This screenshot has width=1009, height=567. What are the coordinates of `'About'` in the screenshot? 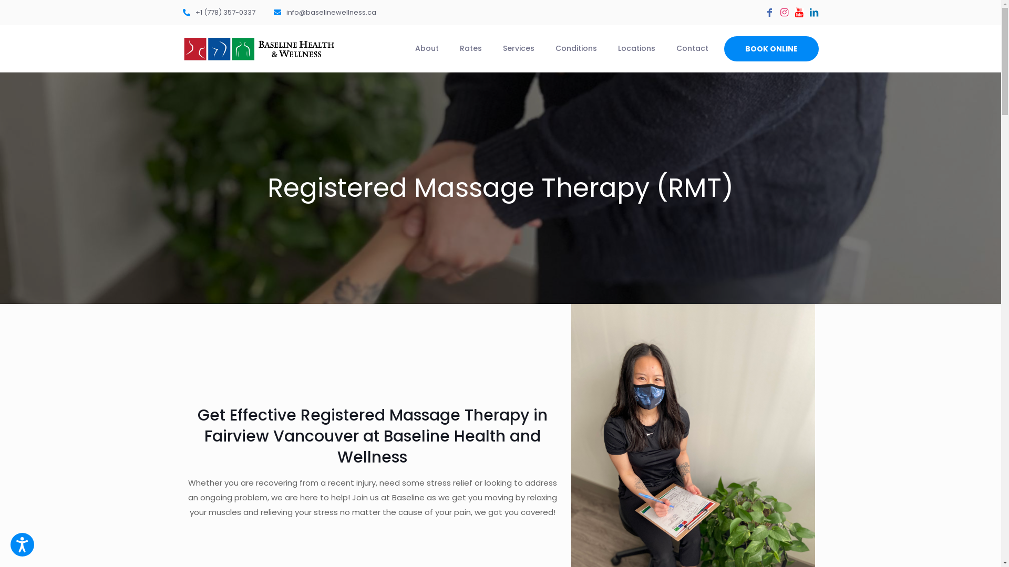 It's located at (427, 48).